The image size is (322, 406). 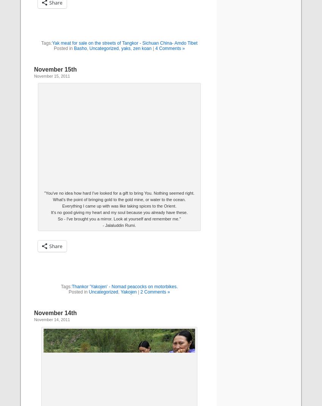 What do you see at coordinates (80, 48) in the screenshot?
I see `'Basho'` at bounding box center [80, 48].